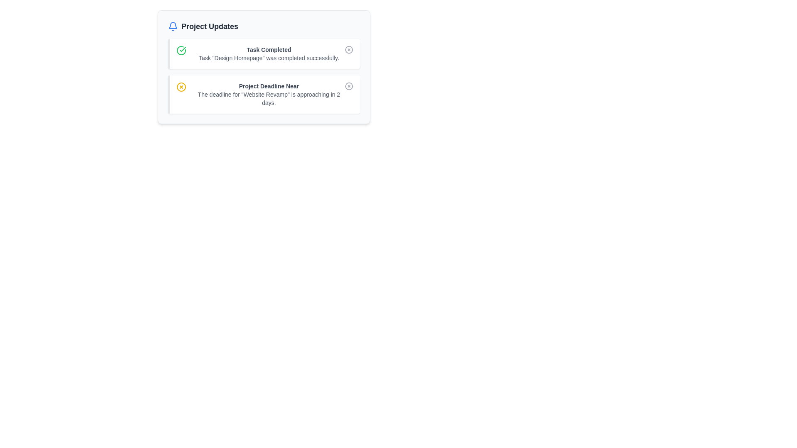 Image resolution: width=797 pixels, height=448 pixels. I want to click on text content that informs users about the project deadline for the 'Website Revamp' project, located in the main content area of the second notification card in the 'Project Updates' panel, so click(269, 94).